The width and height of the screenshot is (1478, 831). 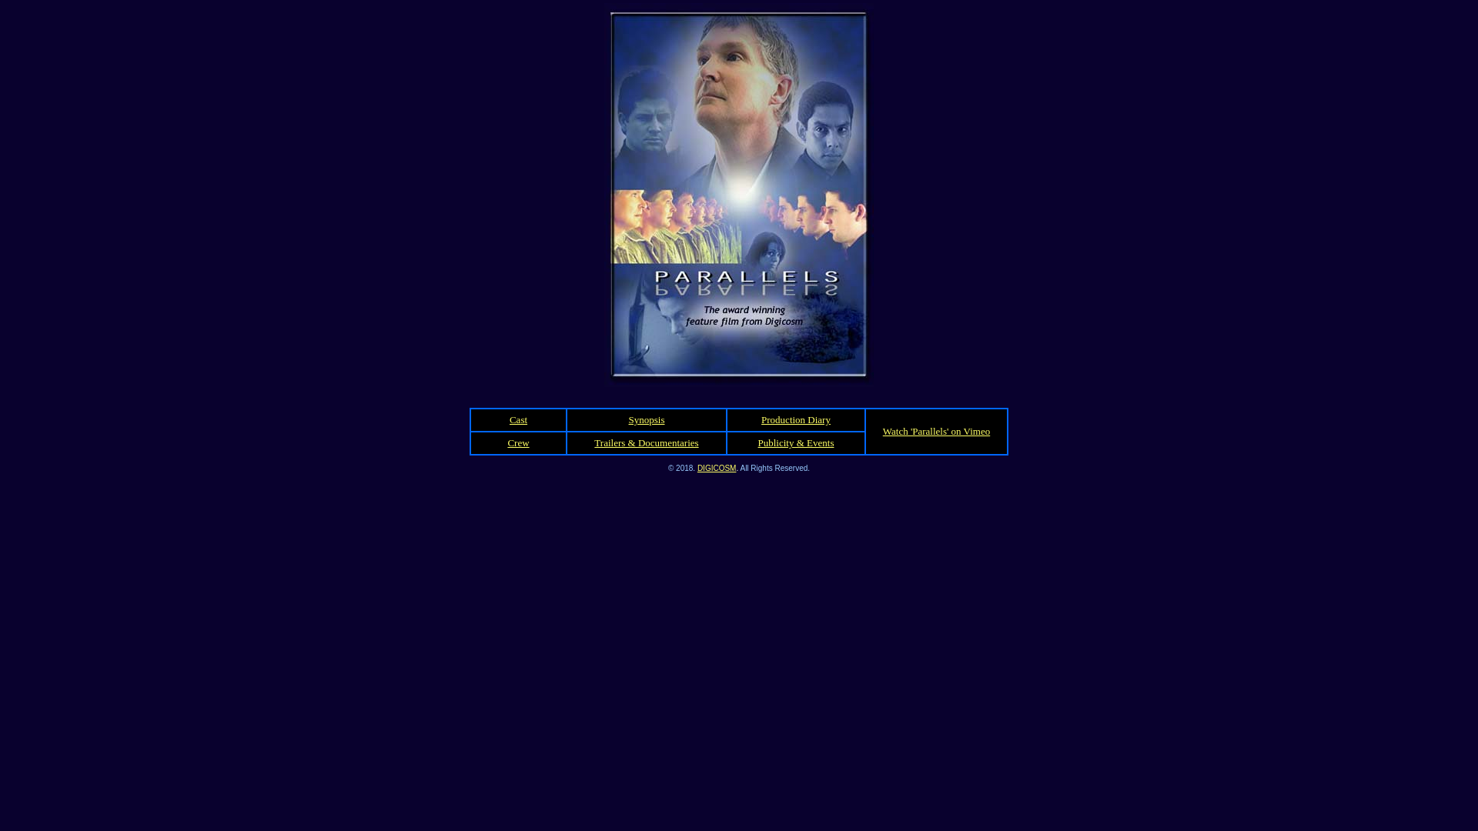 I want to click on 'DIGICOSM', so click(x=716, y=466).